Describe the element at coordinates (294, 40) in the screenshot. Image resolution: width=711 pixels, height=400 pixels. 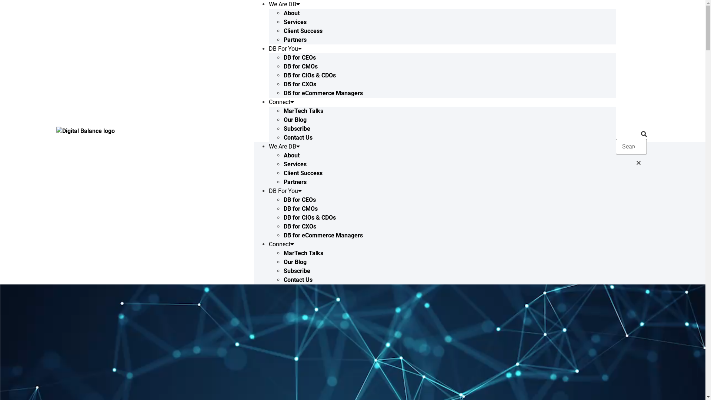
I see `'Partners'` at that location.